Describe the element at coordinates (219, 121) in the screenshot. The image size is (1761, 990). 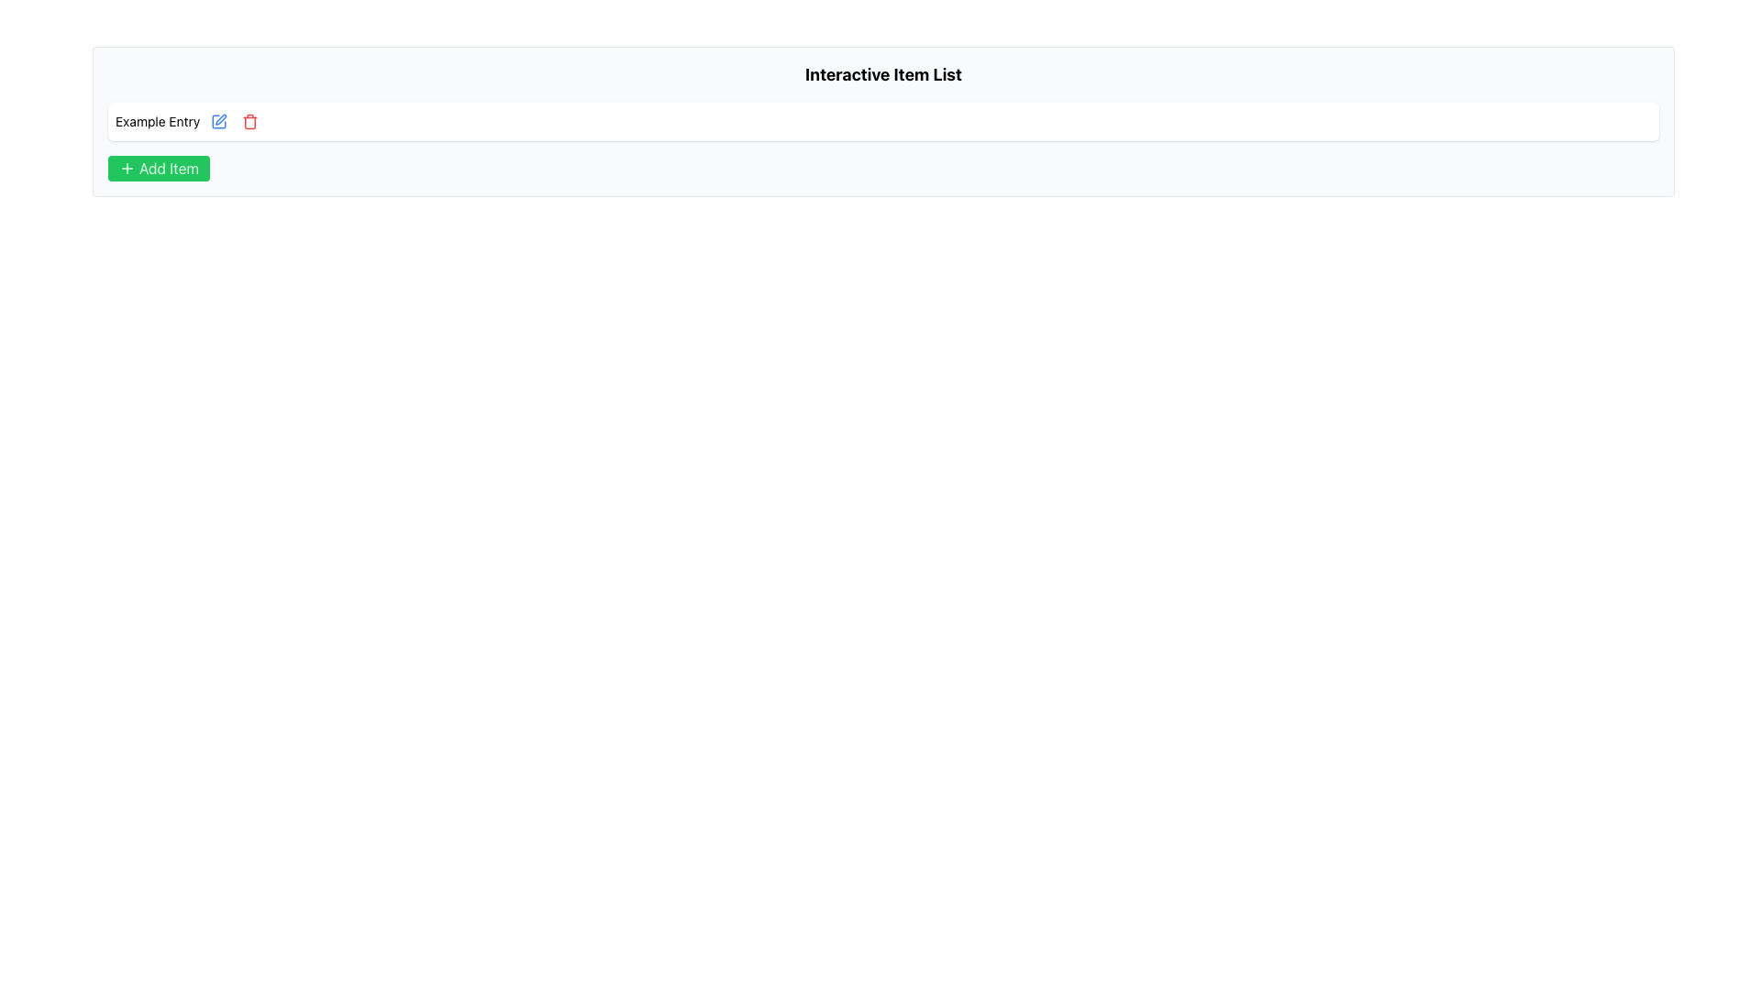
I see `the editing icon represented by a square outline with rounded corners and a pen symbol, located in the toolbar next to 'Example Entry'` at that location.